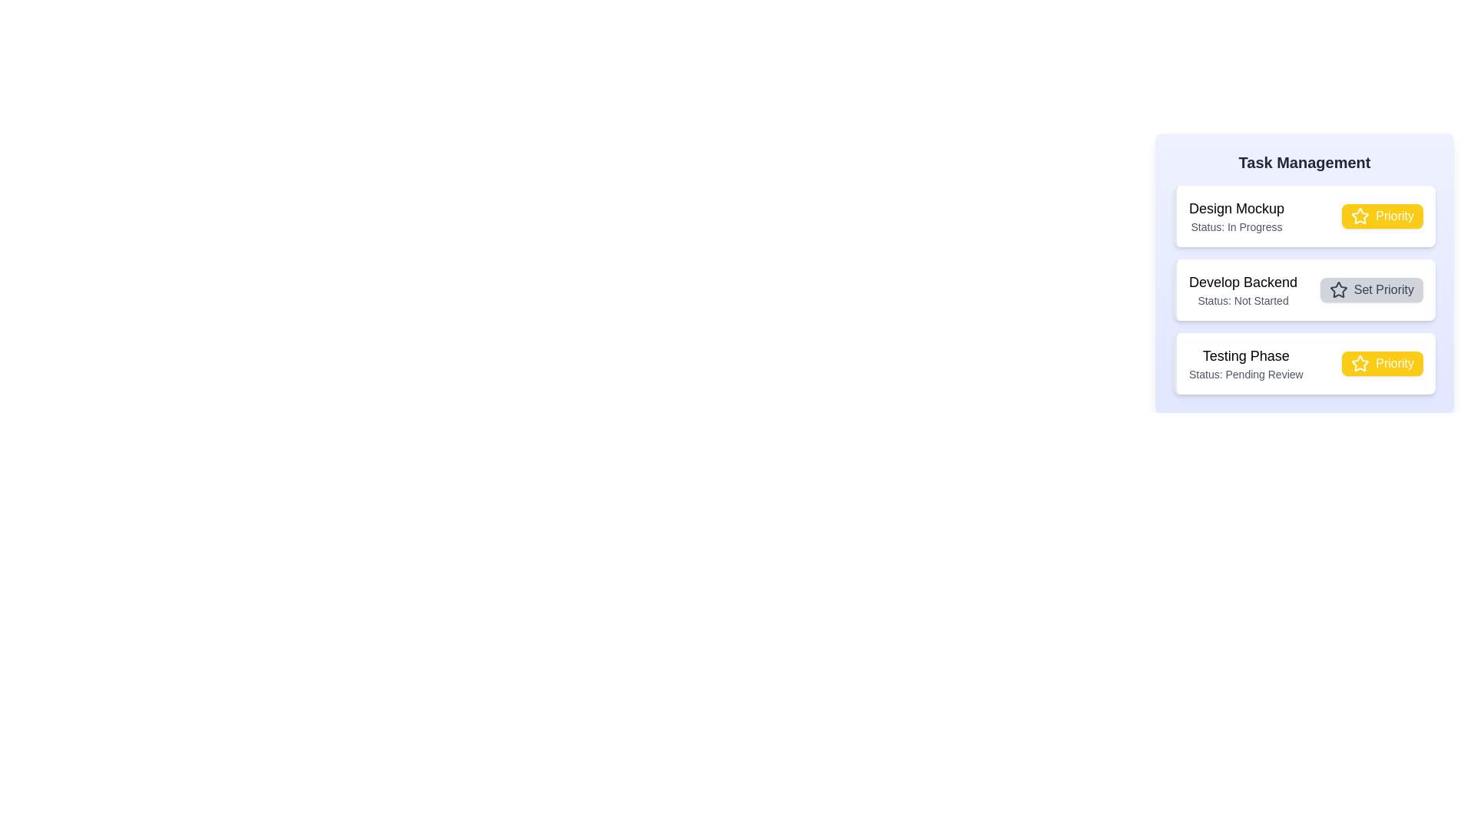  What do you see at coordinates (1246, 355) in the screenshot?
I see `the task title Testing Phase to select its text` at bounding box center [1246, 355].